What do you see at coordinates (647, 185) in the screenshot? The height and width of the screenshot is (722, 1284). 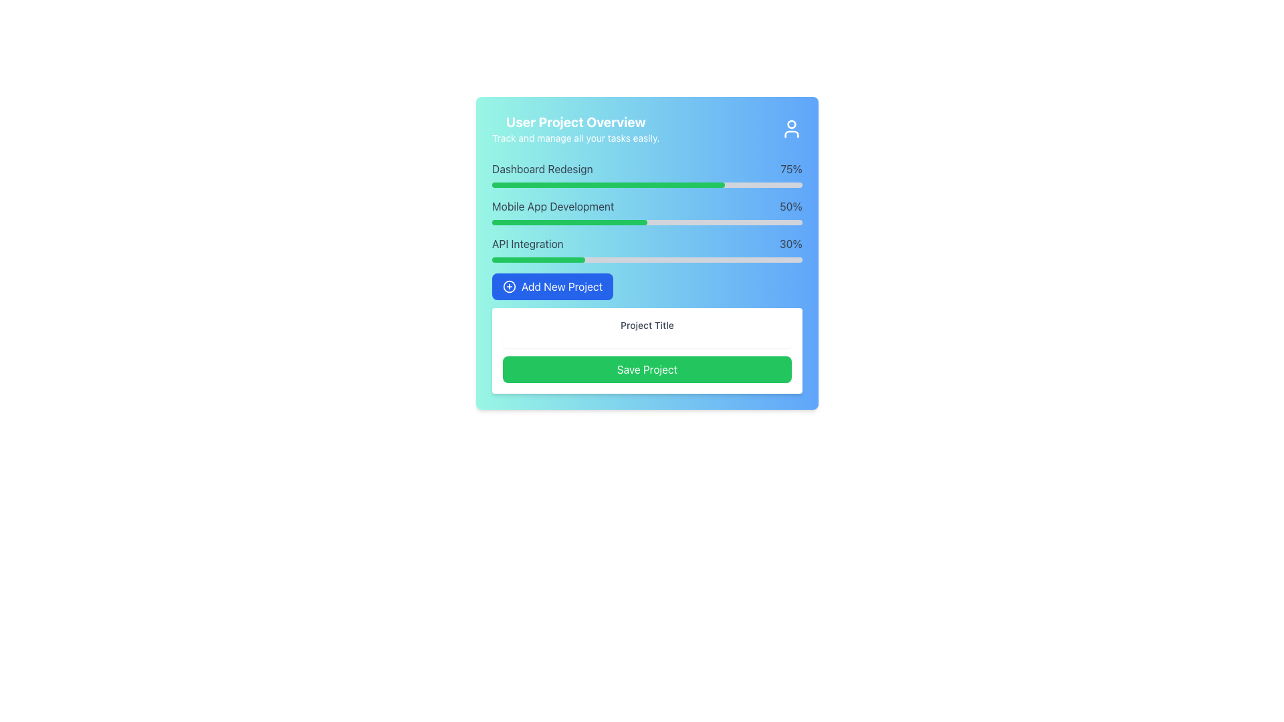 I see `the progress bar indicating 75% completion for the task 'Dashboard Redesign', located in the first task row` at bounding box center [647, 185].